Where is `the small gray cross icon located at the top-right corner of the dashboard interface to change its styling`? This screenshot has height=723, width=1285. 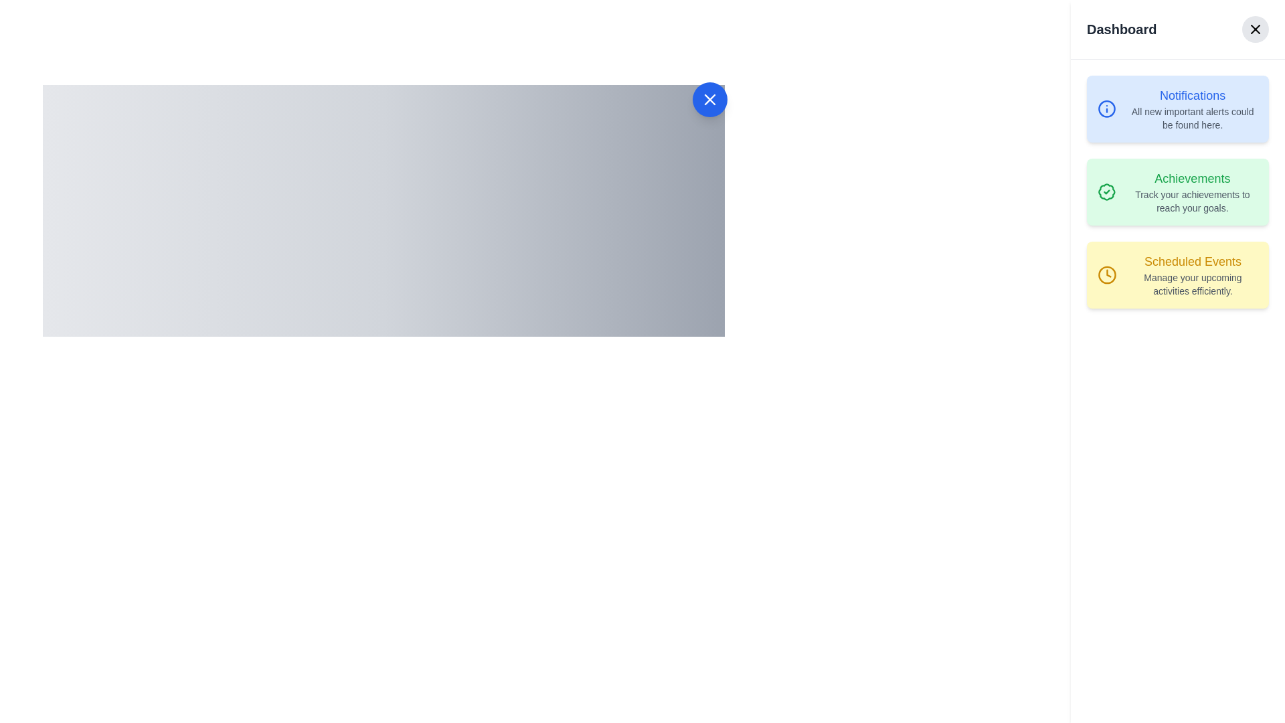 the small gray cross icon located at the top-right corner of the dashboard interface to change its styling is located at coordinates (1255, 29).